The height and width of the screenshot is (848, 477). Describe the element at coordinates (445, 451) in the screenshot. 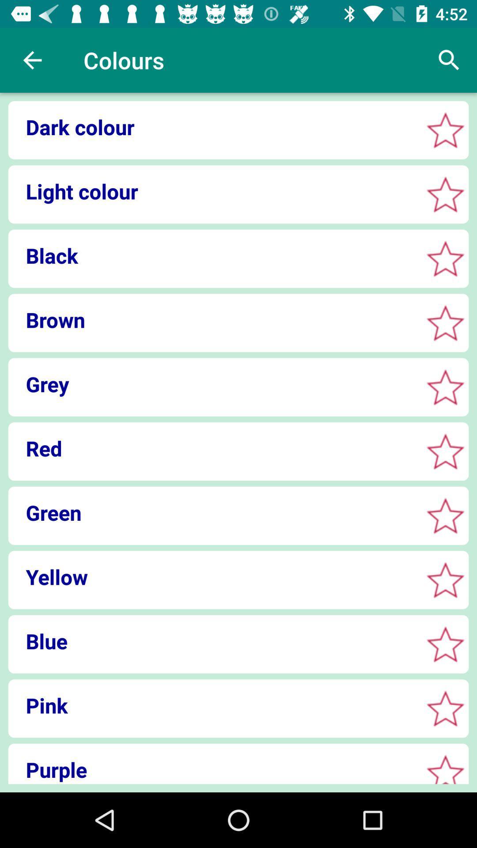

I see `bookmark` at that location.